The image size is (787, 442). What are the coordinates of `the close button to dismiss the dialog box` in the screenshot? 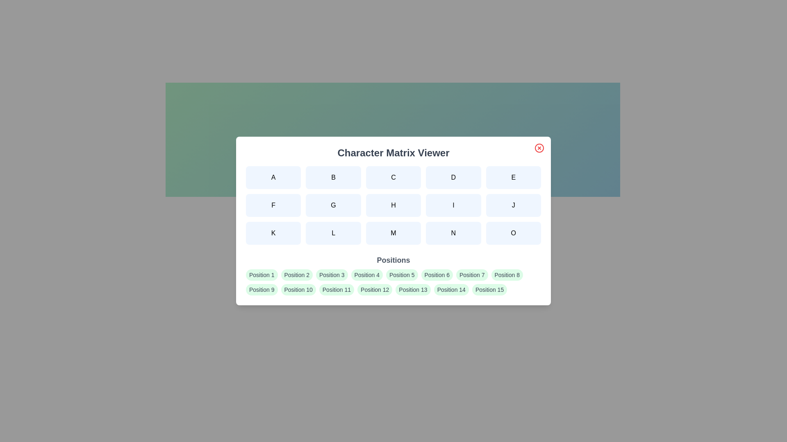 It's located at (539, 148).